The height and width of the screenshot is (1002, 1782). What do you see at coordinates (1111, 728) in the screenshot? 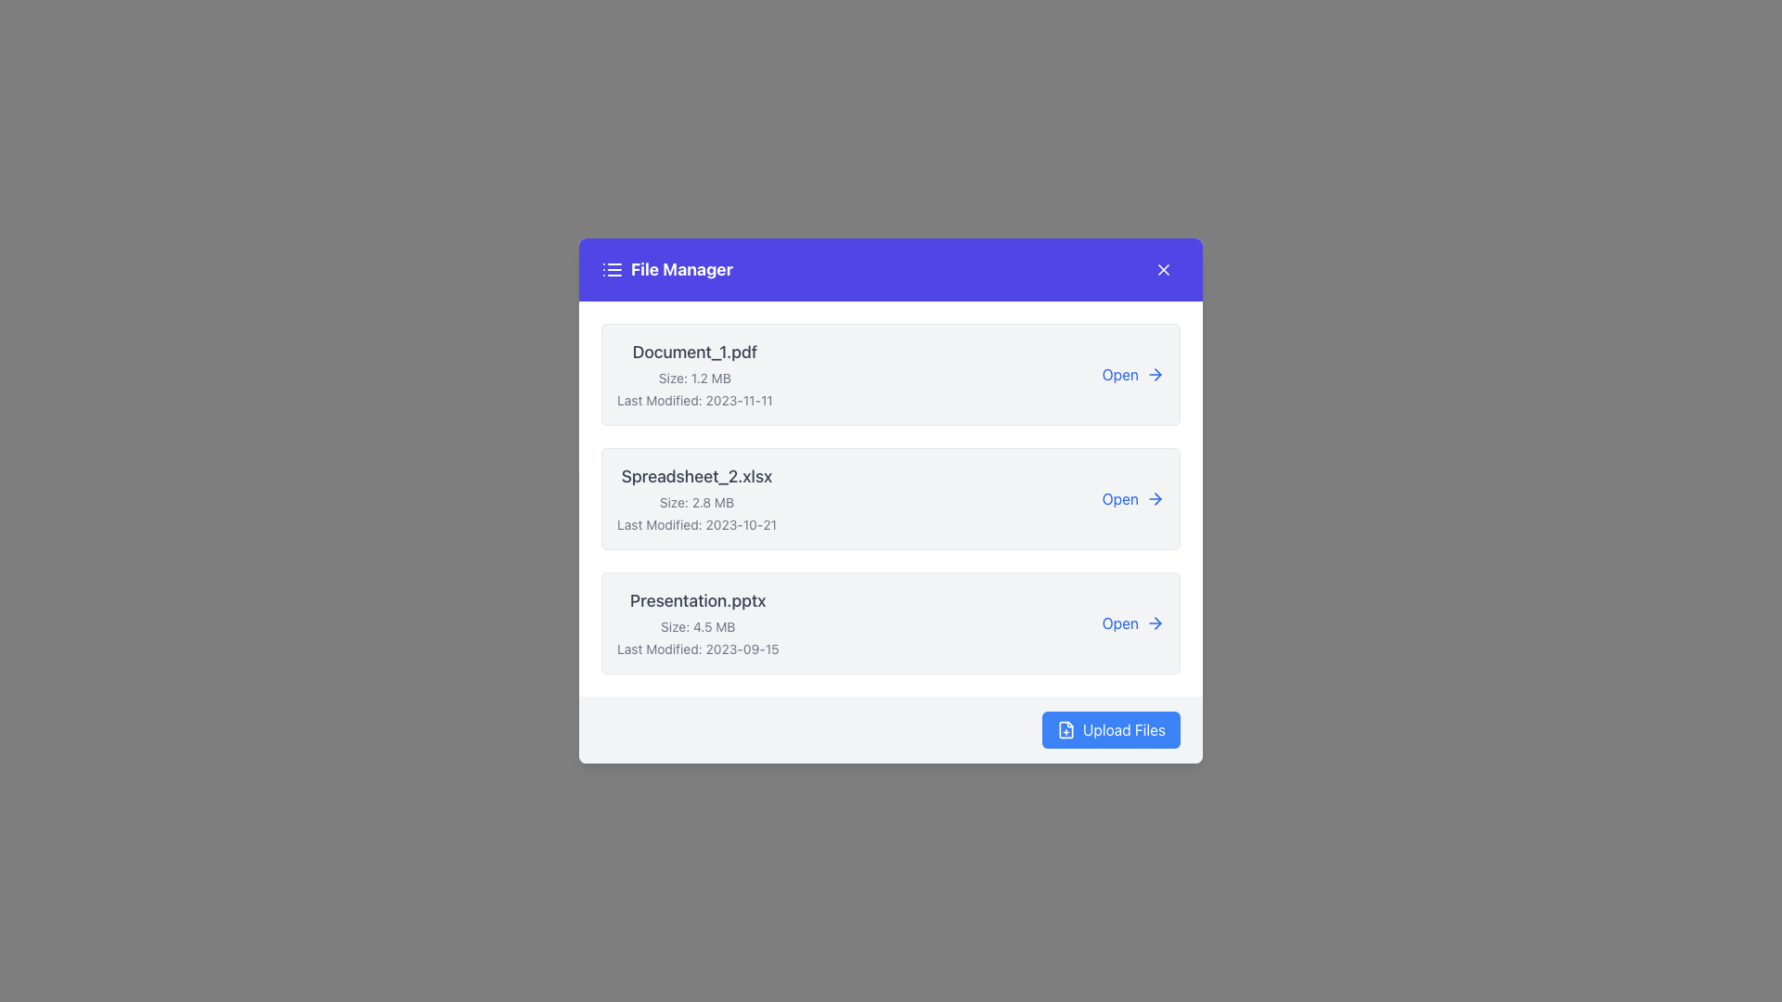
I see `the file upload button located at the bottom-right corner of the grey rectangular section in the file manager interface for keyboard navigation` at bounding box center [1111, 728].